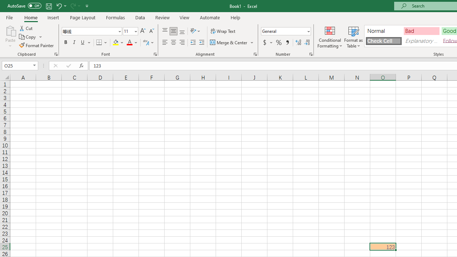 Image resolution: width=457 pixels, height=257 pixels. Describe the element at coordinates (264, 42) in the screenshot. I see `'Accounting Number Format'` at that location.